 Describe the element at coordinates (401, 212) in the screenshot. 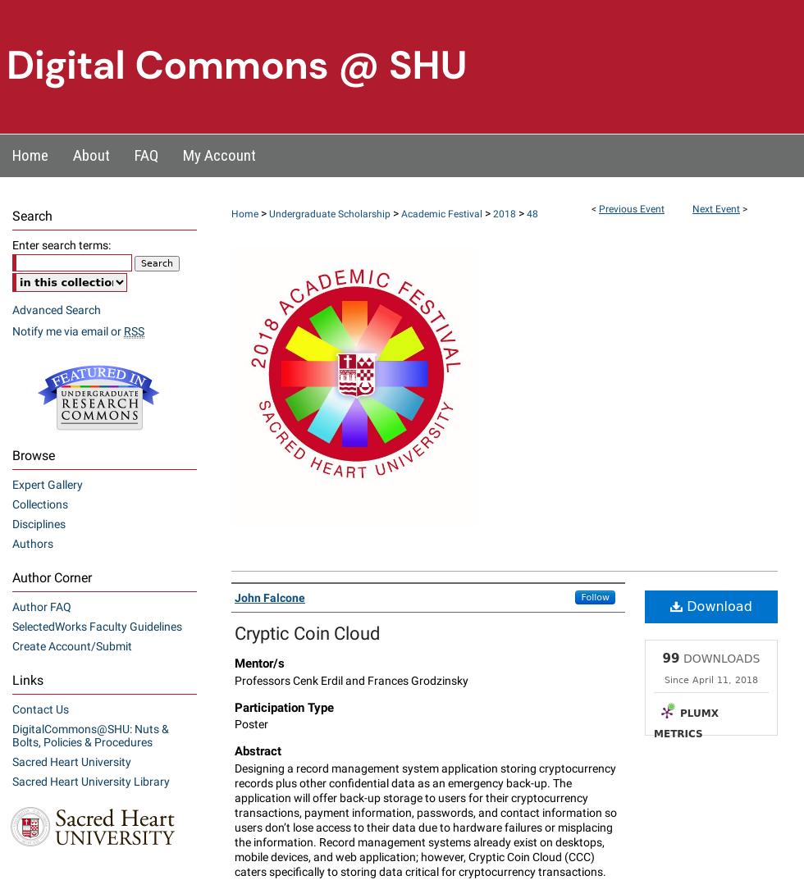

I see `'Academic Festival'` at that location.